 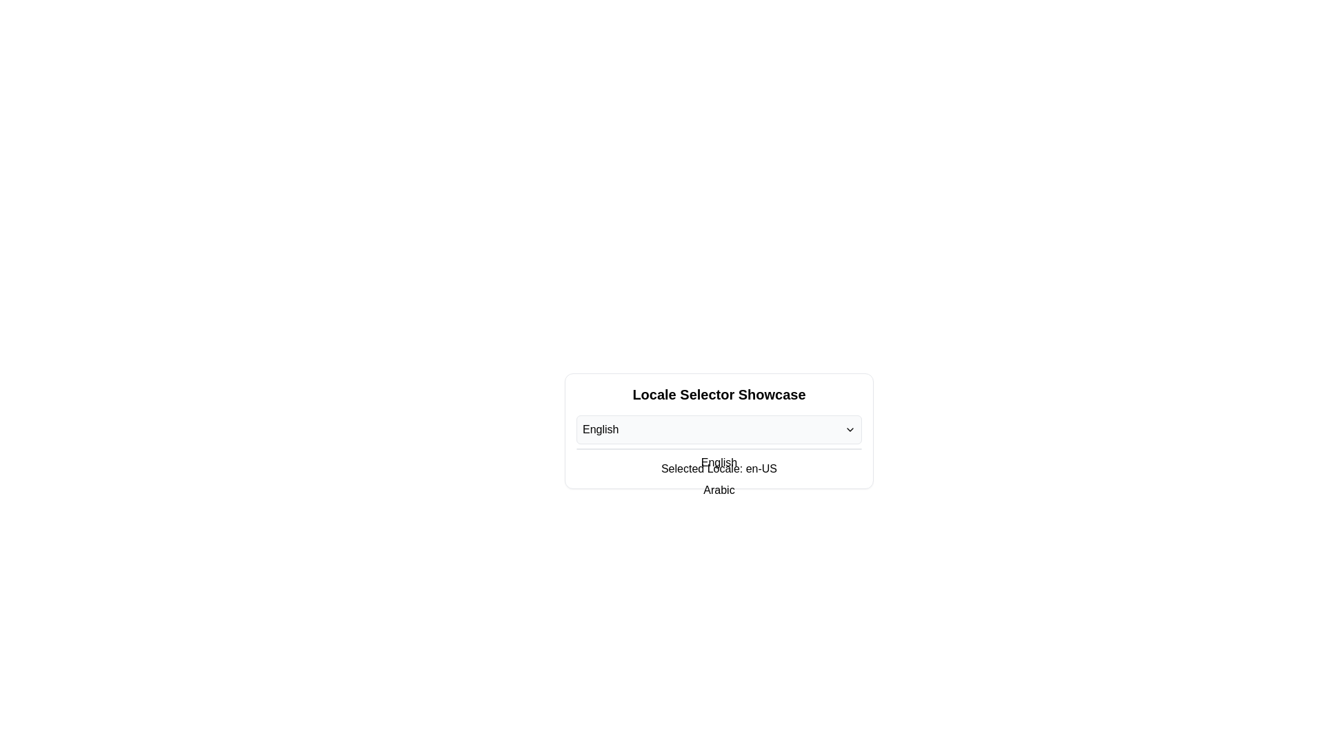 I want to click on the dropdown menu labeled 'English' which is located below the title 'Locale Selector Showcase' for tooltip information, so click(x=718, y=429).